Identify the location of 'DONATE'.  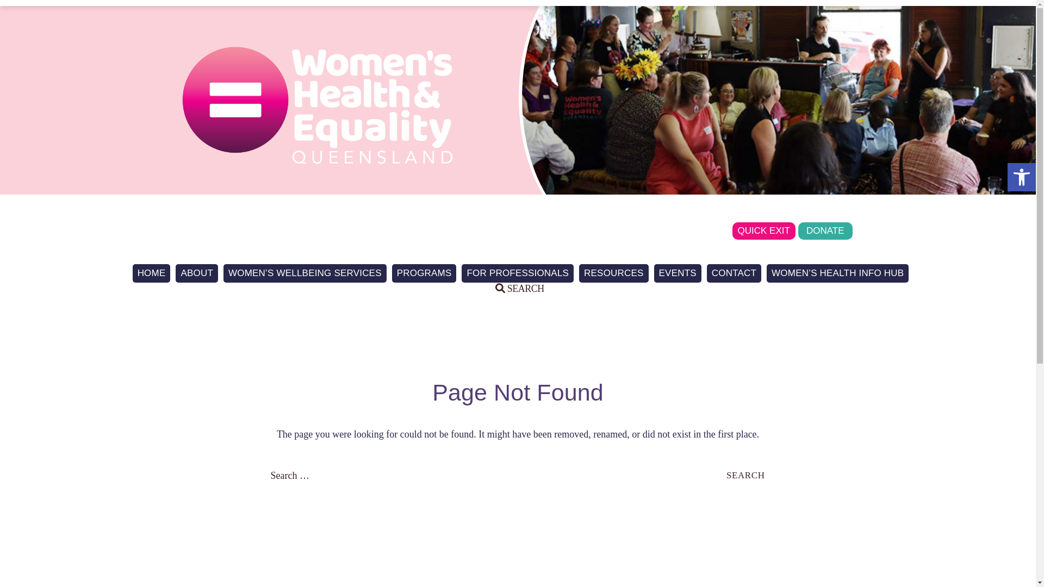
(798, 230).